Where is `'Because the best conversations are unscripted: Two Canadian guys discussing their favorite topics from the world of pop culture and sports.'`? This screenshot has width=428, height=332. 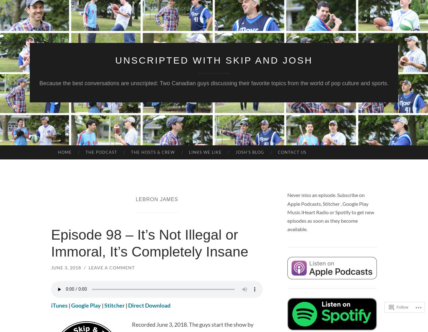
'Because the best conversations are unscripted: Two Canadian guys discussing their favorite topics from the world of pop culture and sports.' is located at coordinates (213, 83).